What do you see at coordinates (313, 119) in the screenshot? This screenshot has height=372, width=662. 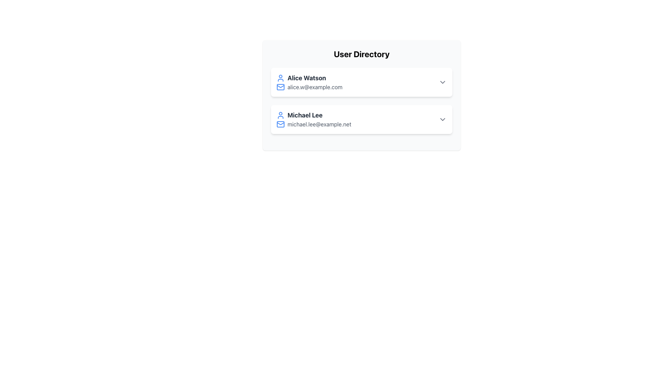 I see `the user entry for 'Michael Lee'` at bounding box center [313, 119].